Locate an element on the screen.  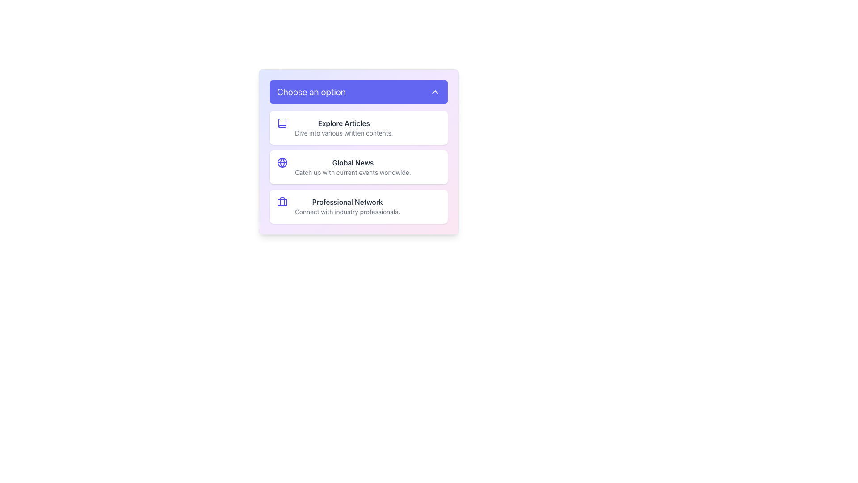
the 'Global News' text label, which is styled in medium-sized bold black font and is located within the second option of a vertical list, positioned between 'Explore Articles' and 'Catch up with current events worldwide.' is located at coordinates (352, 162).